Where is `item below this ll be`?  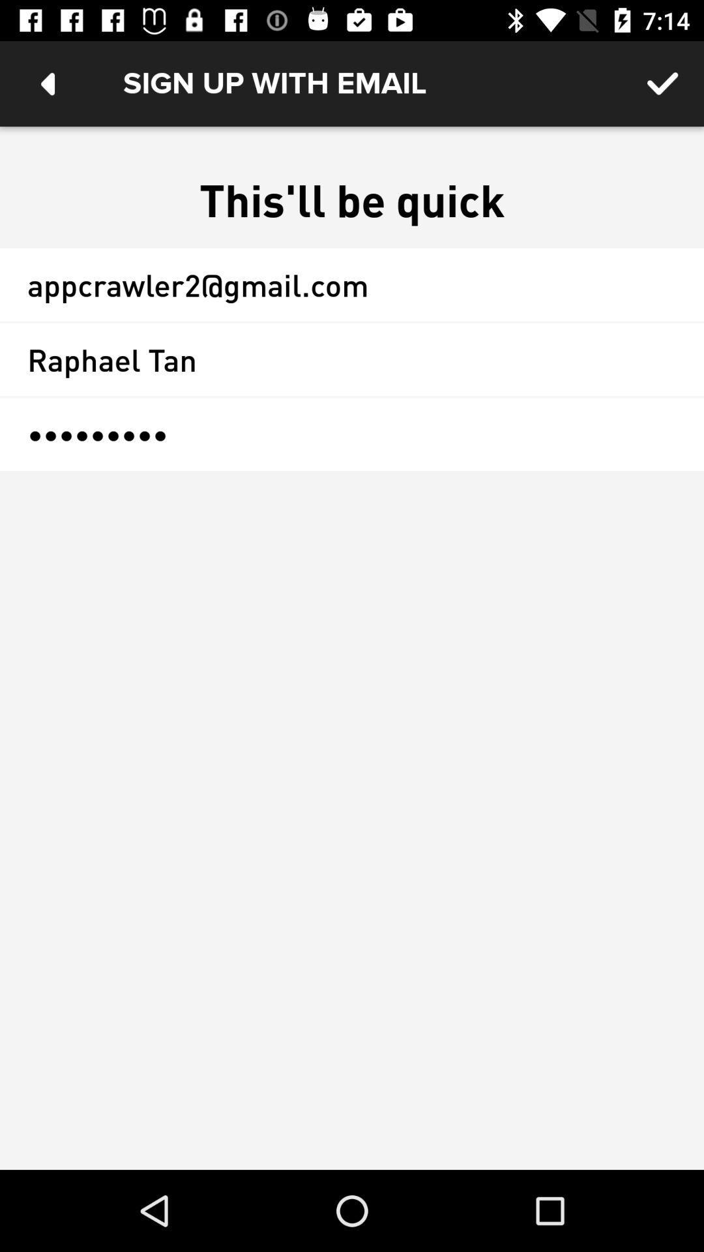
item below this ll be is located at coordinates (352, 284).